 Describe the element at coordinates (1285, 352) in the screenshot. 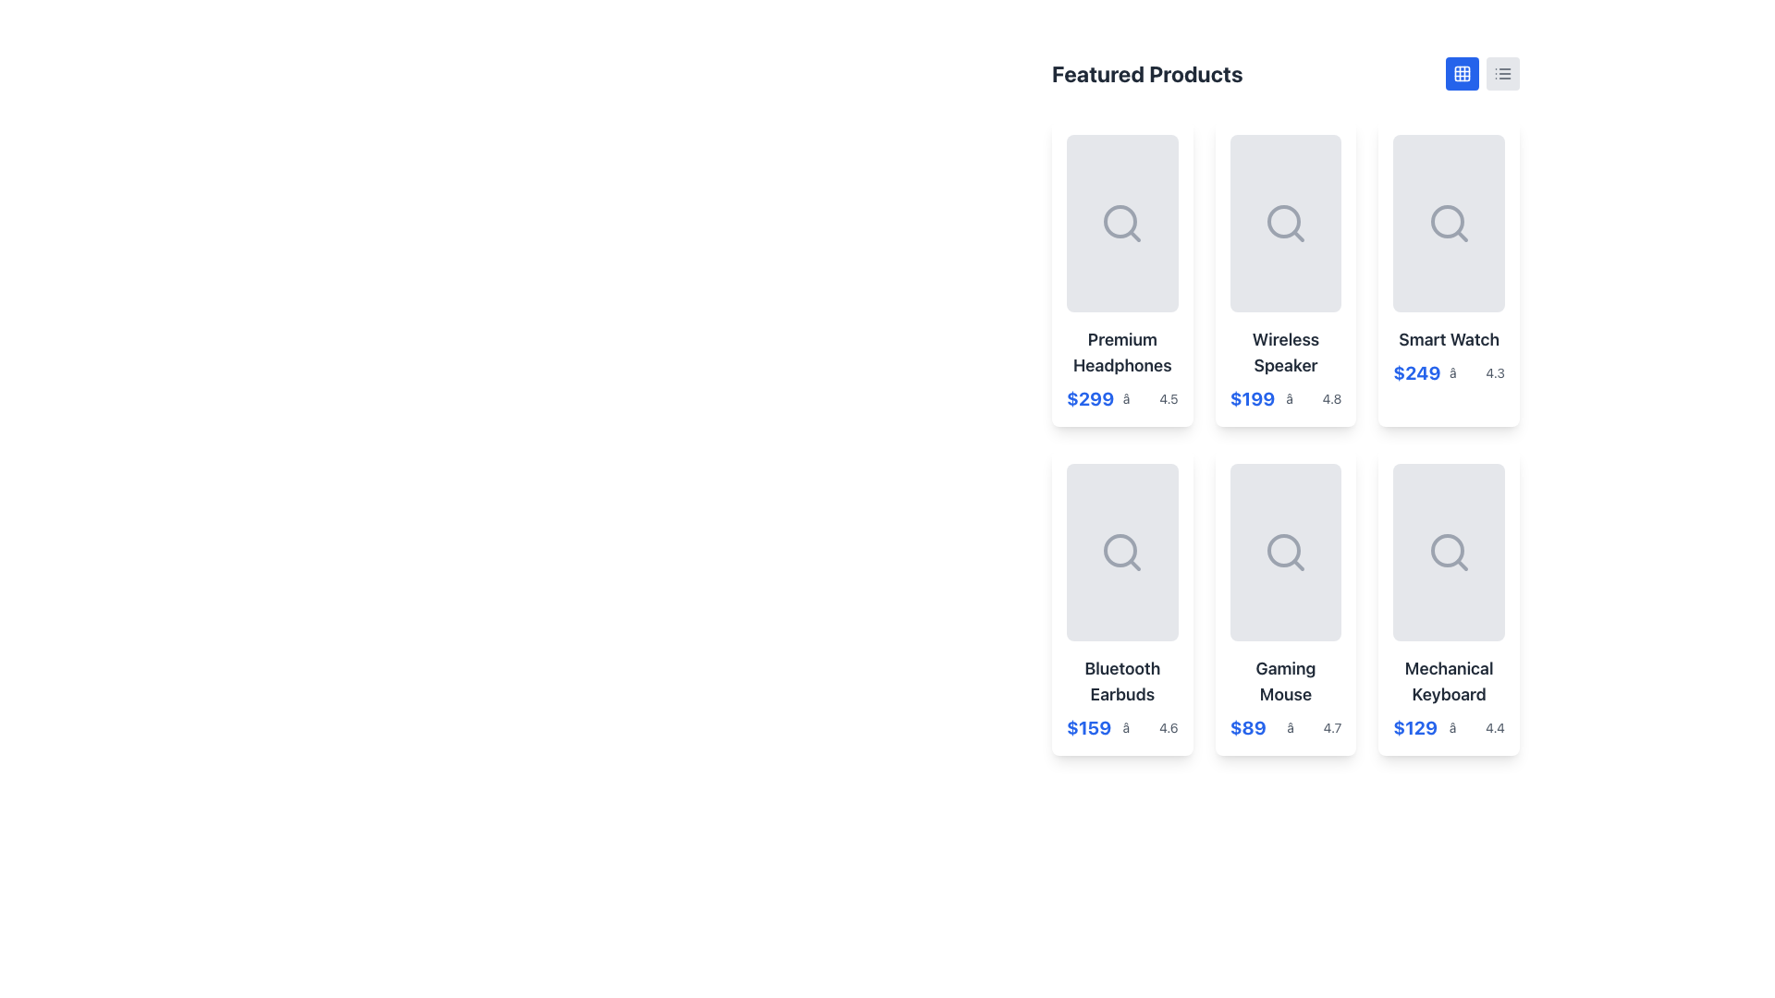

I see `the static text label that displays the name of the product, located centrally within its card in the second column of the first row of the grid` at that location.